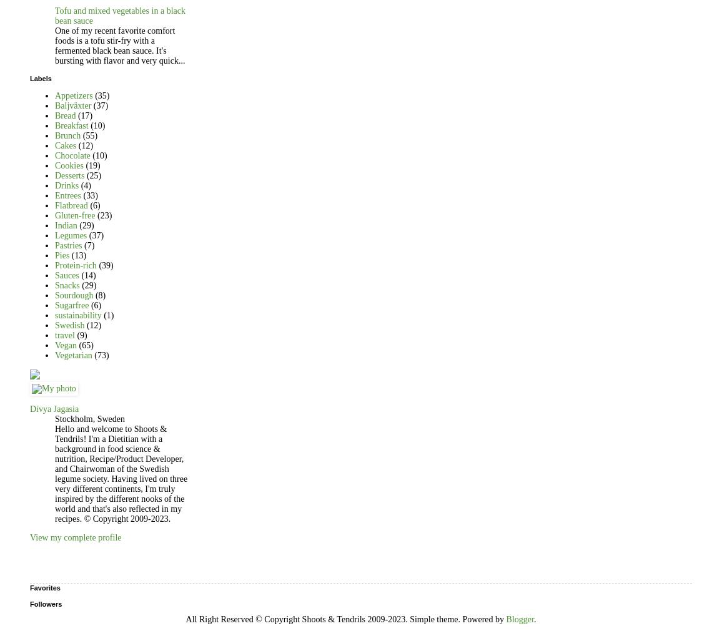  Describe the element at coordinates (94, 174) in the screenshot. I see `'(25)'` at that location.